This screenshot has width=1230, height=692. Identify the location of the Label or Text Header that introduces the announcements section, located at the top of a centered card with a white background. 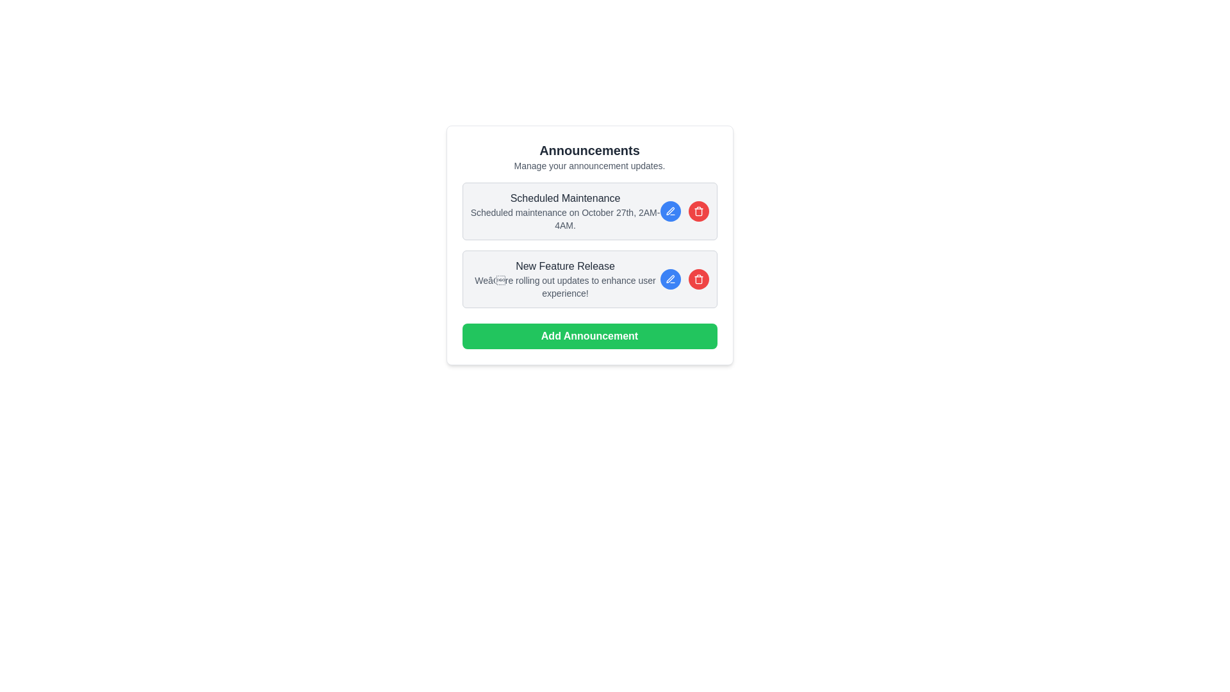
(589, 156).